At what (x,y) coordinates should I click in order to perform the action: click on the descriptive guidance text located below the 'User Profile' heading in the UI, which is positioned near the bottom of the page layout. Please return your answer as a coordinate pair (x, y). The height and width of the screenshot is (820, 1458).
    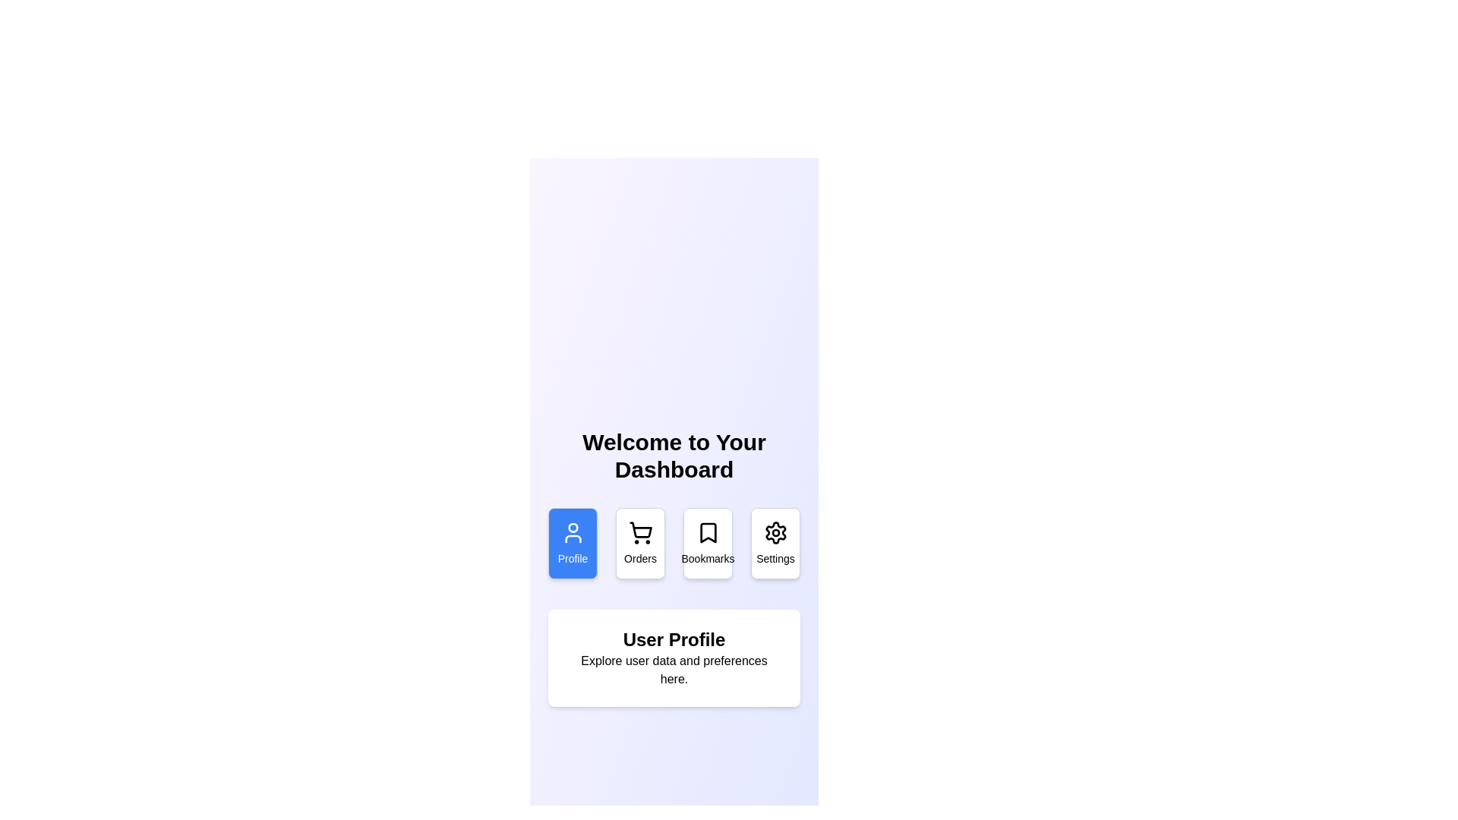
    Looking at the image, I should click on (674, 670).